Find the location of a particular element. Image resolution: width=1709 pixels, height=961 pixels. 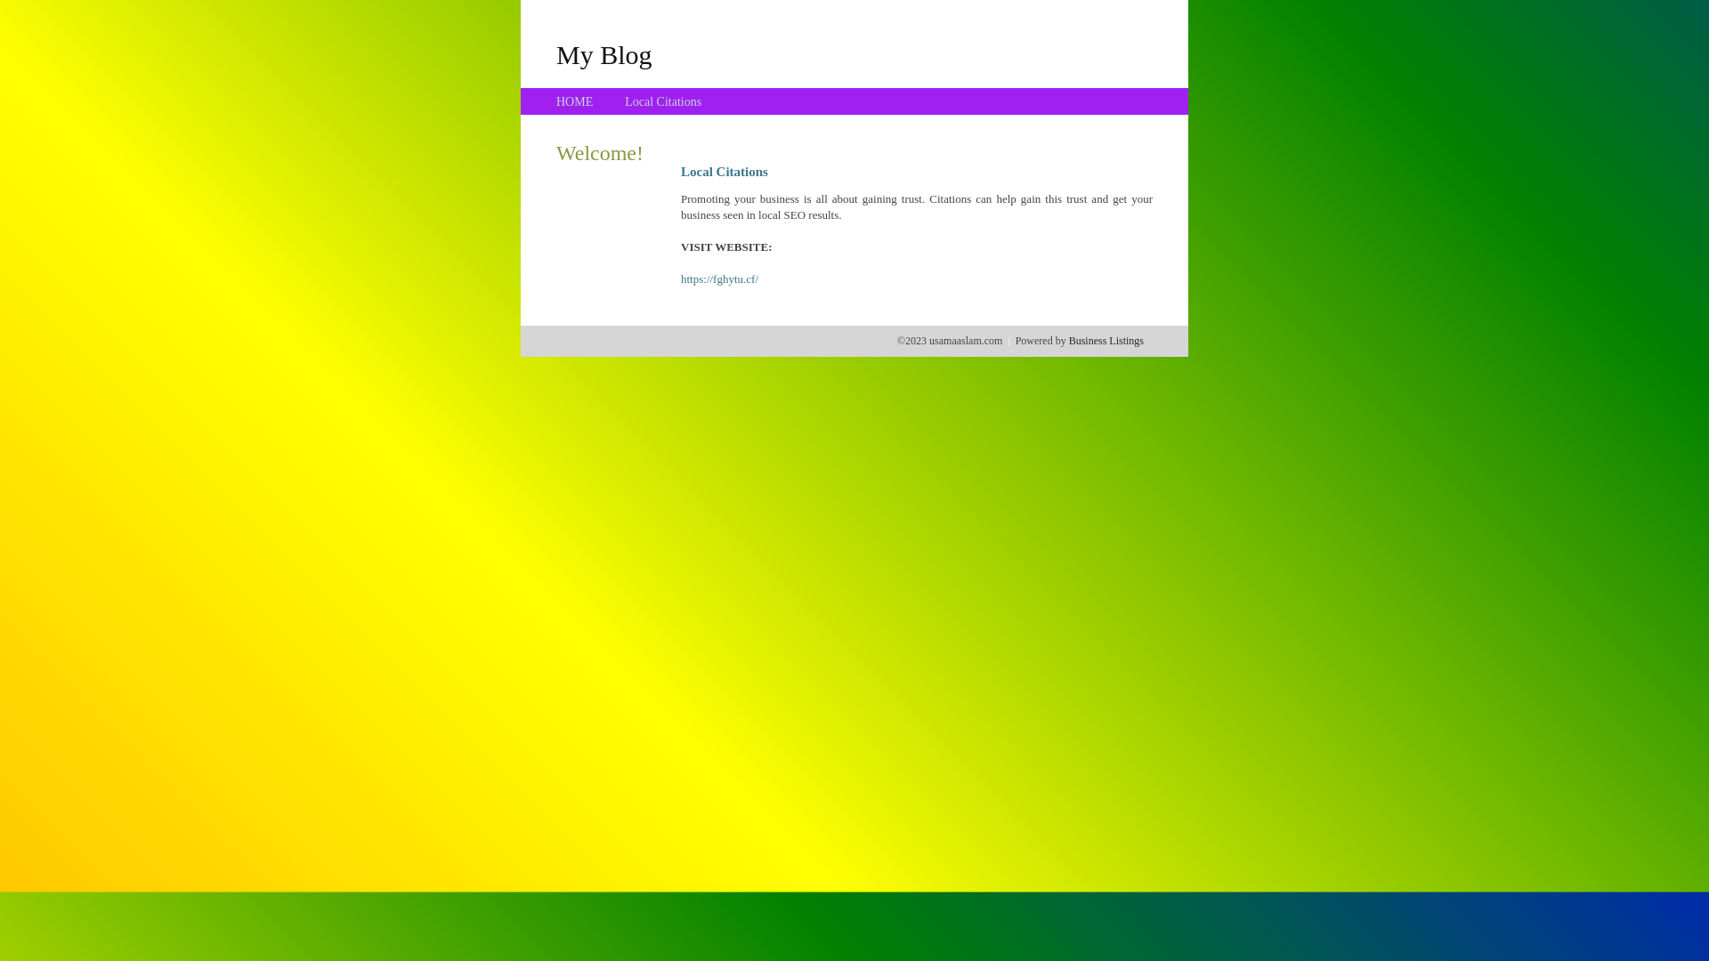

'Local Citations' is located at coordinates (661, 101).